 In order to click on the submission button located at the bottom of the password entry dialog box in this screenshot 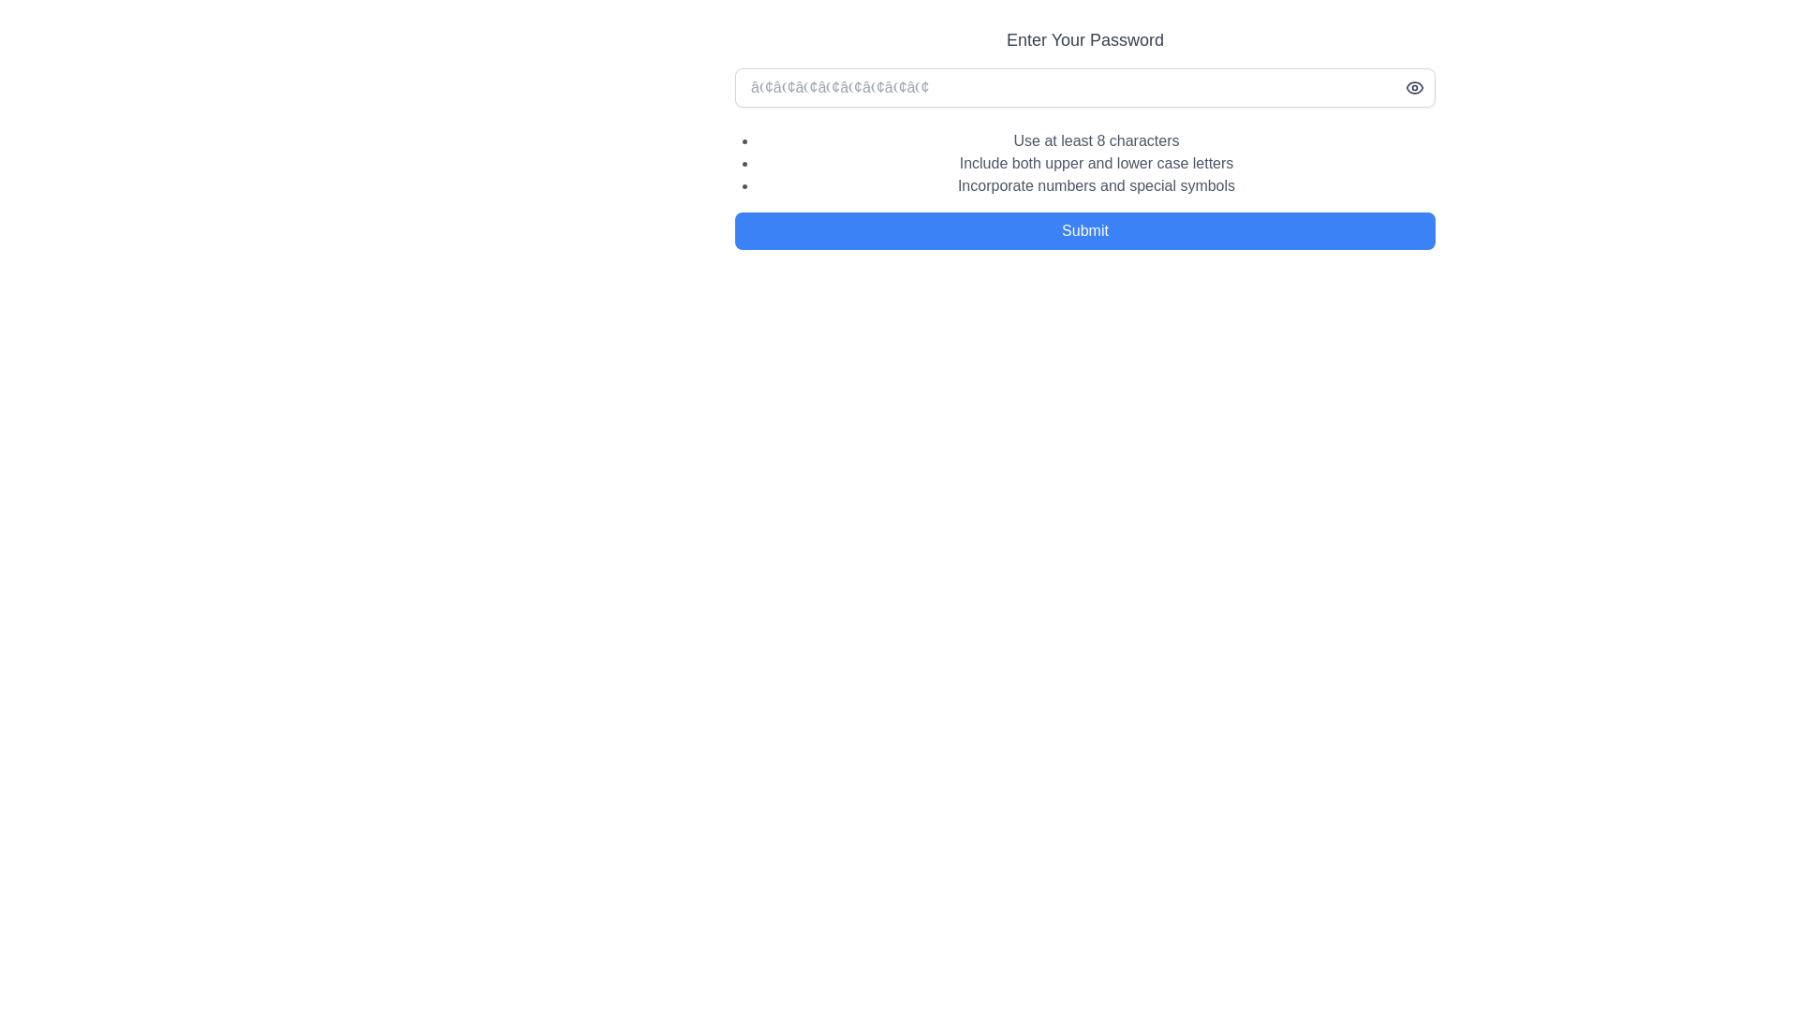, I will do `click(1084, 235)`.